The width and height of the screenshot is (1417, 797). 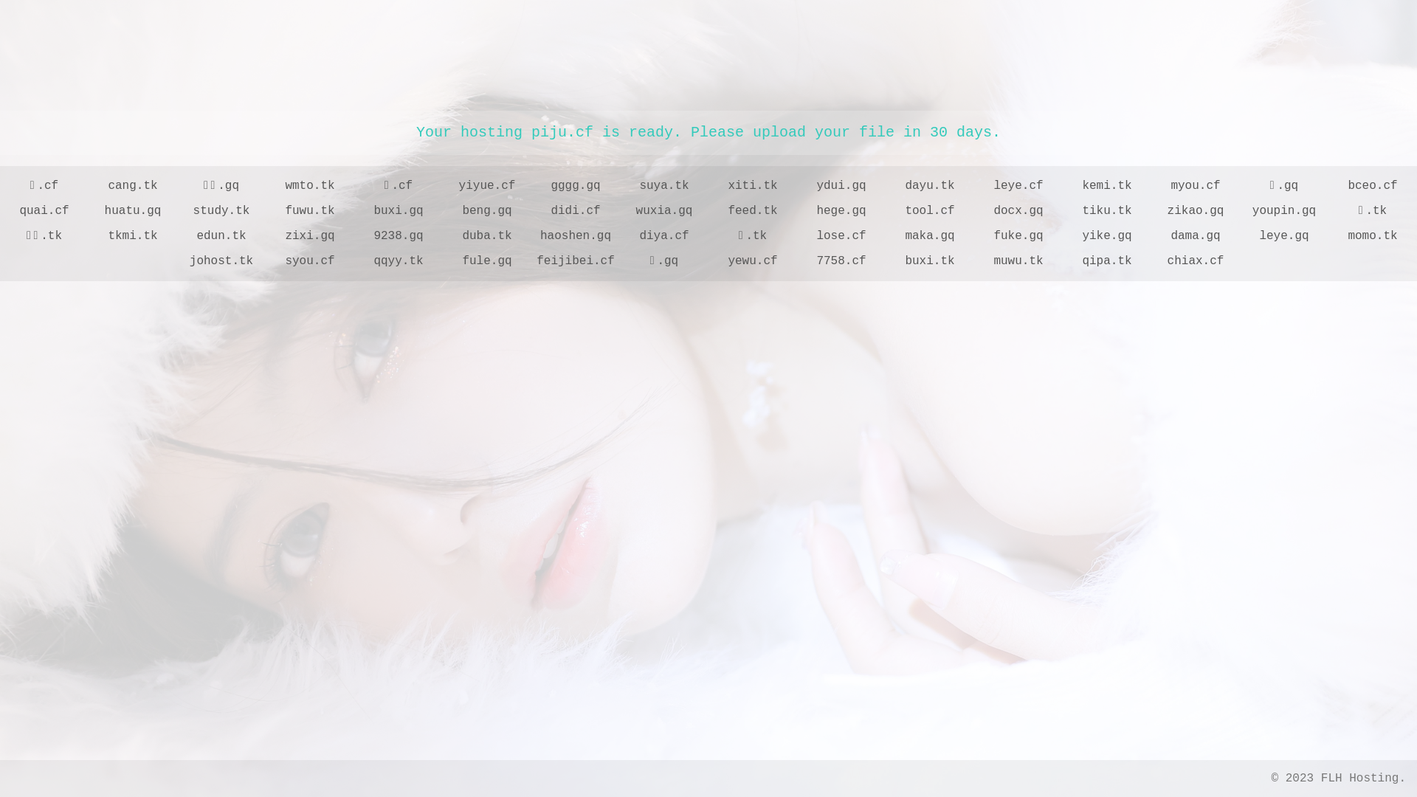 What do you see at coordinates (309, 235) in the screenshot?
I see `'zixi.gq'` at bounding box center [309, 235].